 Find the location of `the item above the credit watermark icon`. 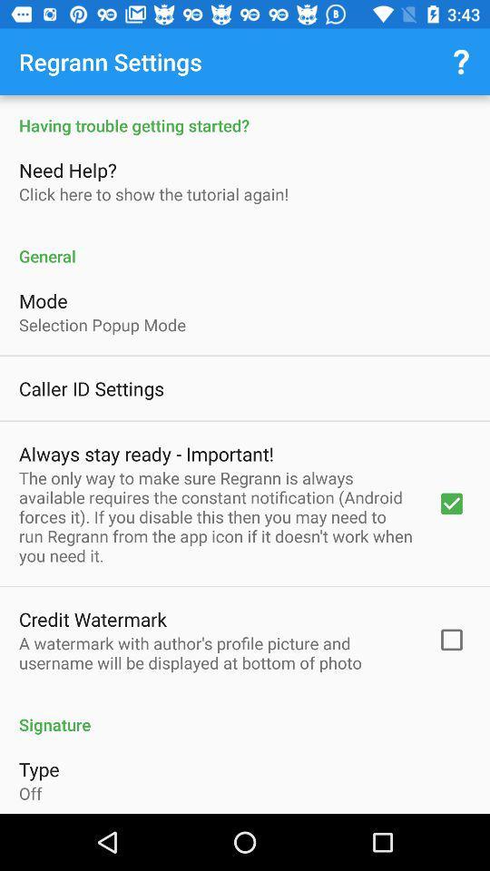

the item above the credit watermark icon is located at coordinates (216, 516).